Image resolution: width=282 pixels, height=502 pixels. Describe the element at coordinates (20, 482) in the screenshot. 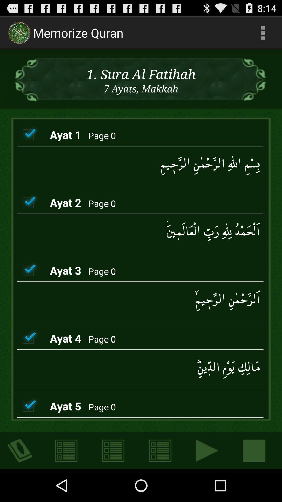

I see `the visibility icon` at that location.